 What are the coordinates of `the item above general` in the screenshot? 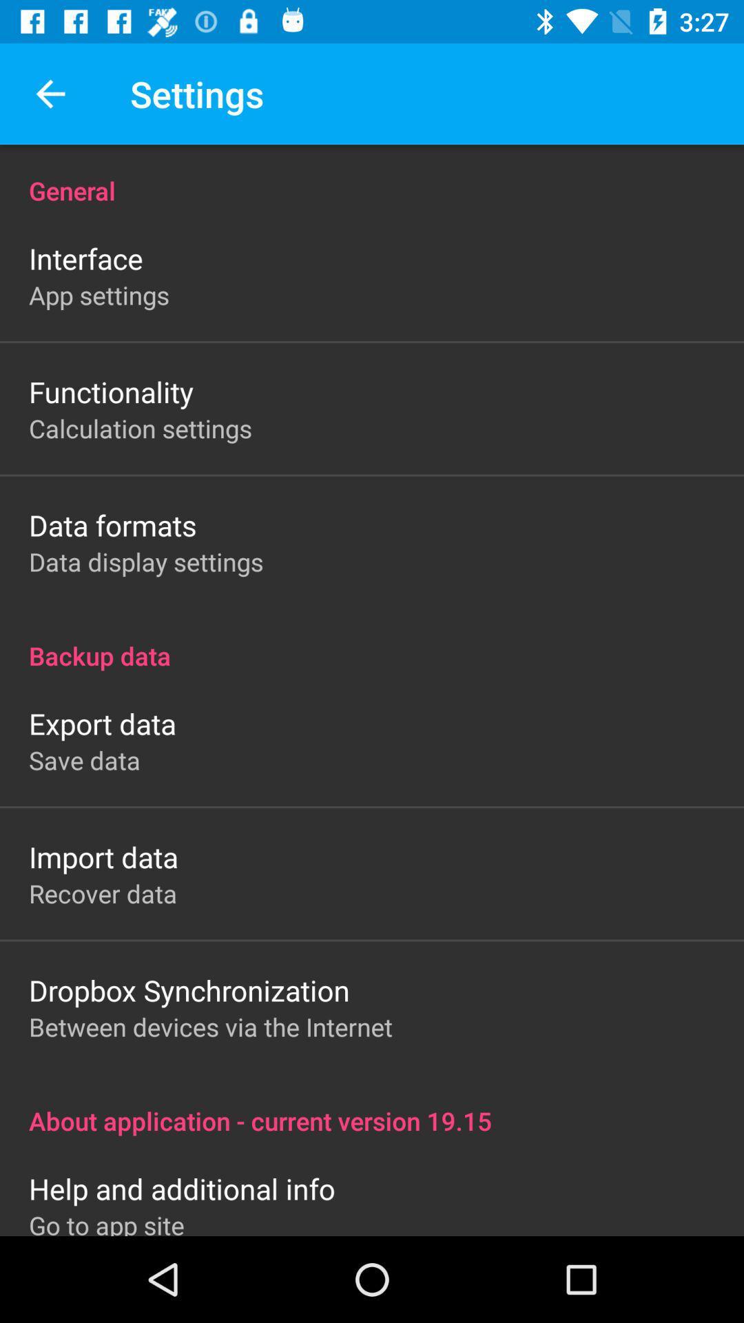 It's located at (50, 93).